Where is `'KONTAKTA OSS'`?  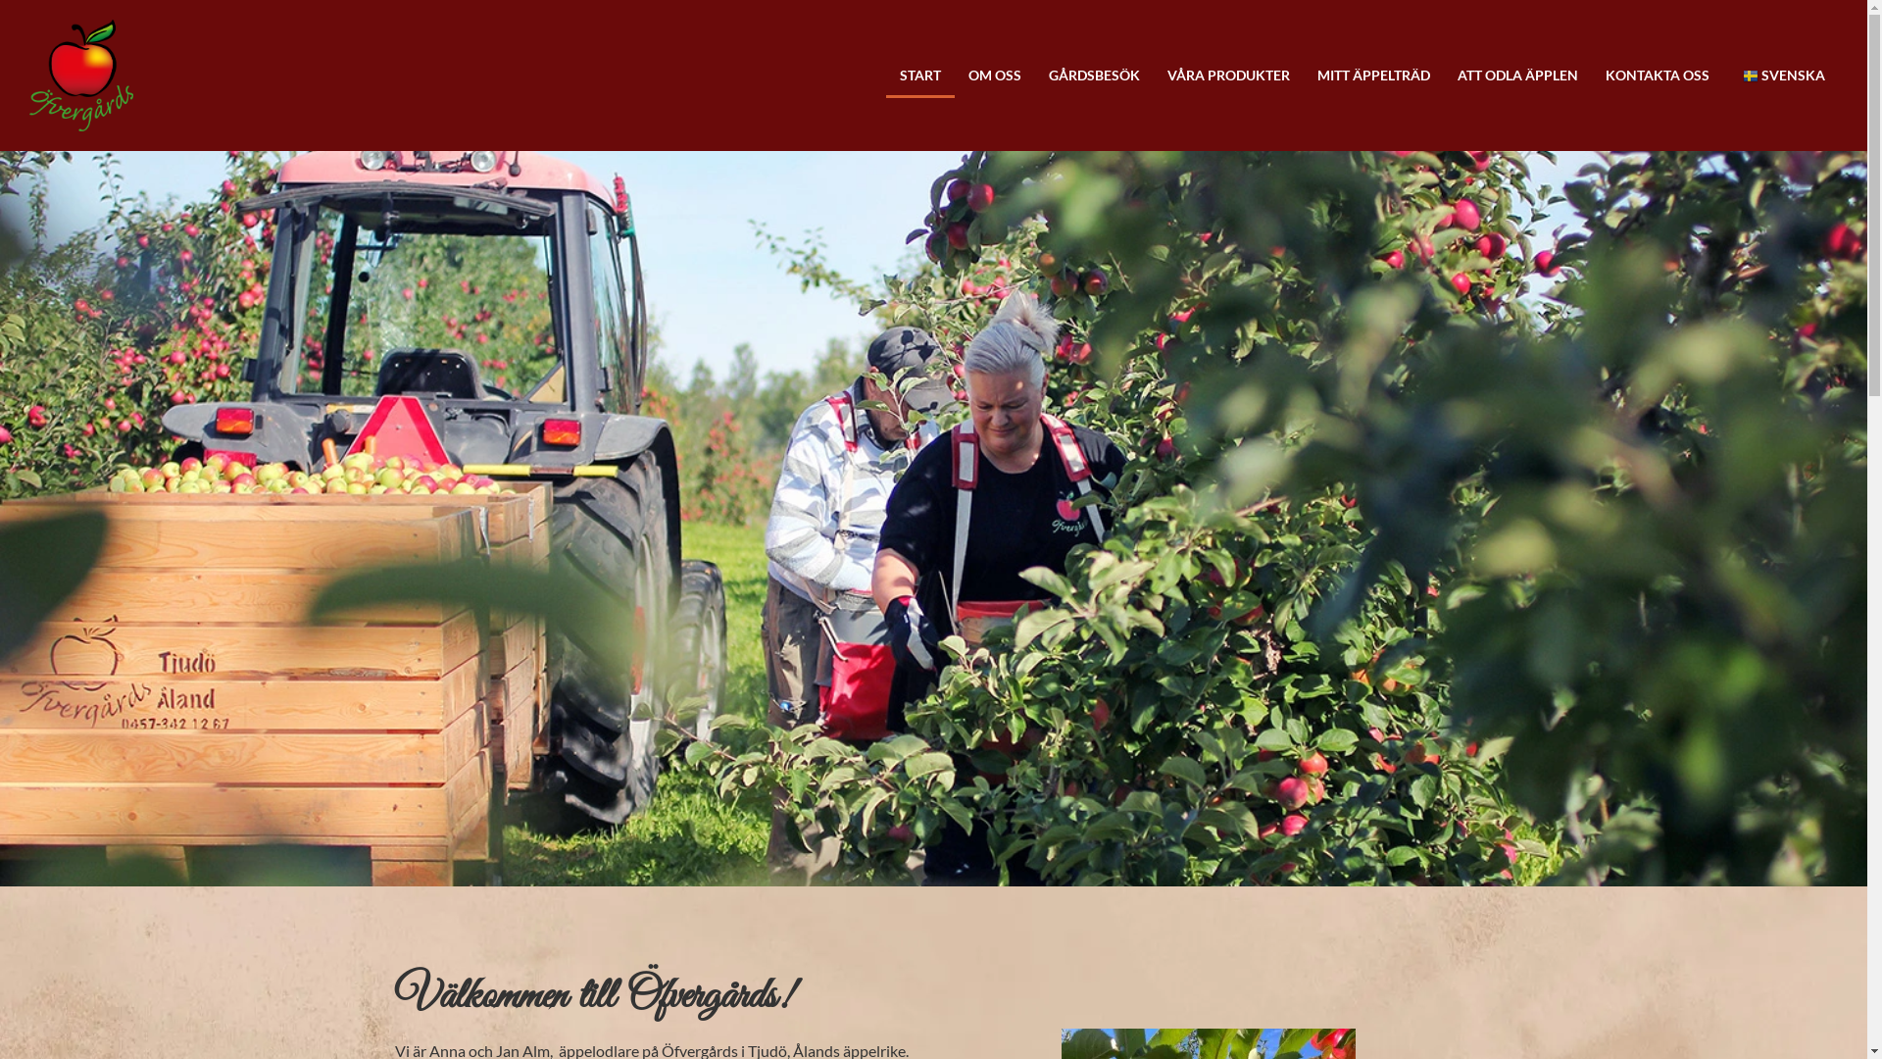
'KONTAKTA OSS' is located at coordinates (1656, 75).